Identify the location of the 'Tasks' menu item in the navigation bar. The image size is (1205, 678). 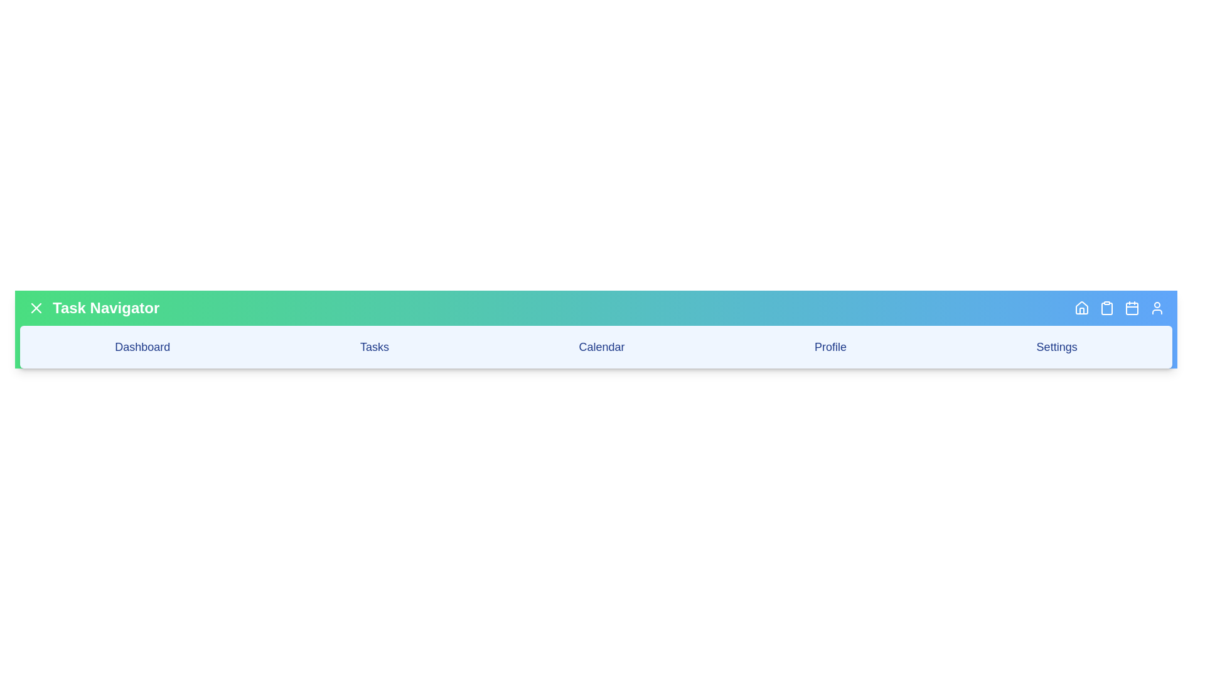
(373, 347).